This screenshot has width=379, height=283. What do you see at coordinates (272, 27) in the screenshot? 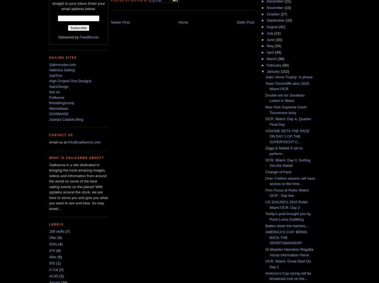
I see `'August'` at bounding box center [272, 27].